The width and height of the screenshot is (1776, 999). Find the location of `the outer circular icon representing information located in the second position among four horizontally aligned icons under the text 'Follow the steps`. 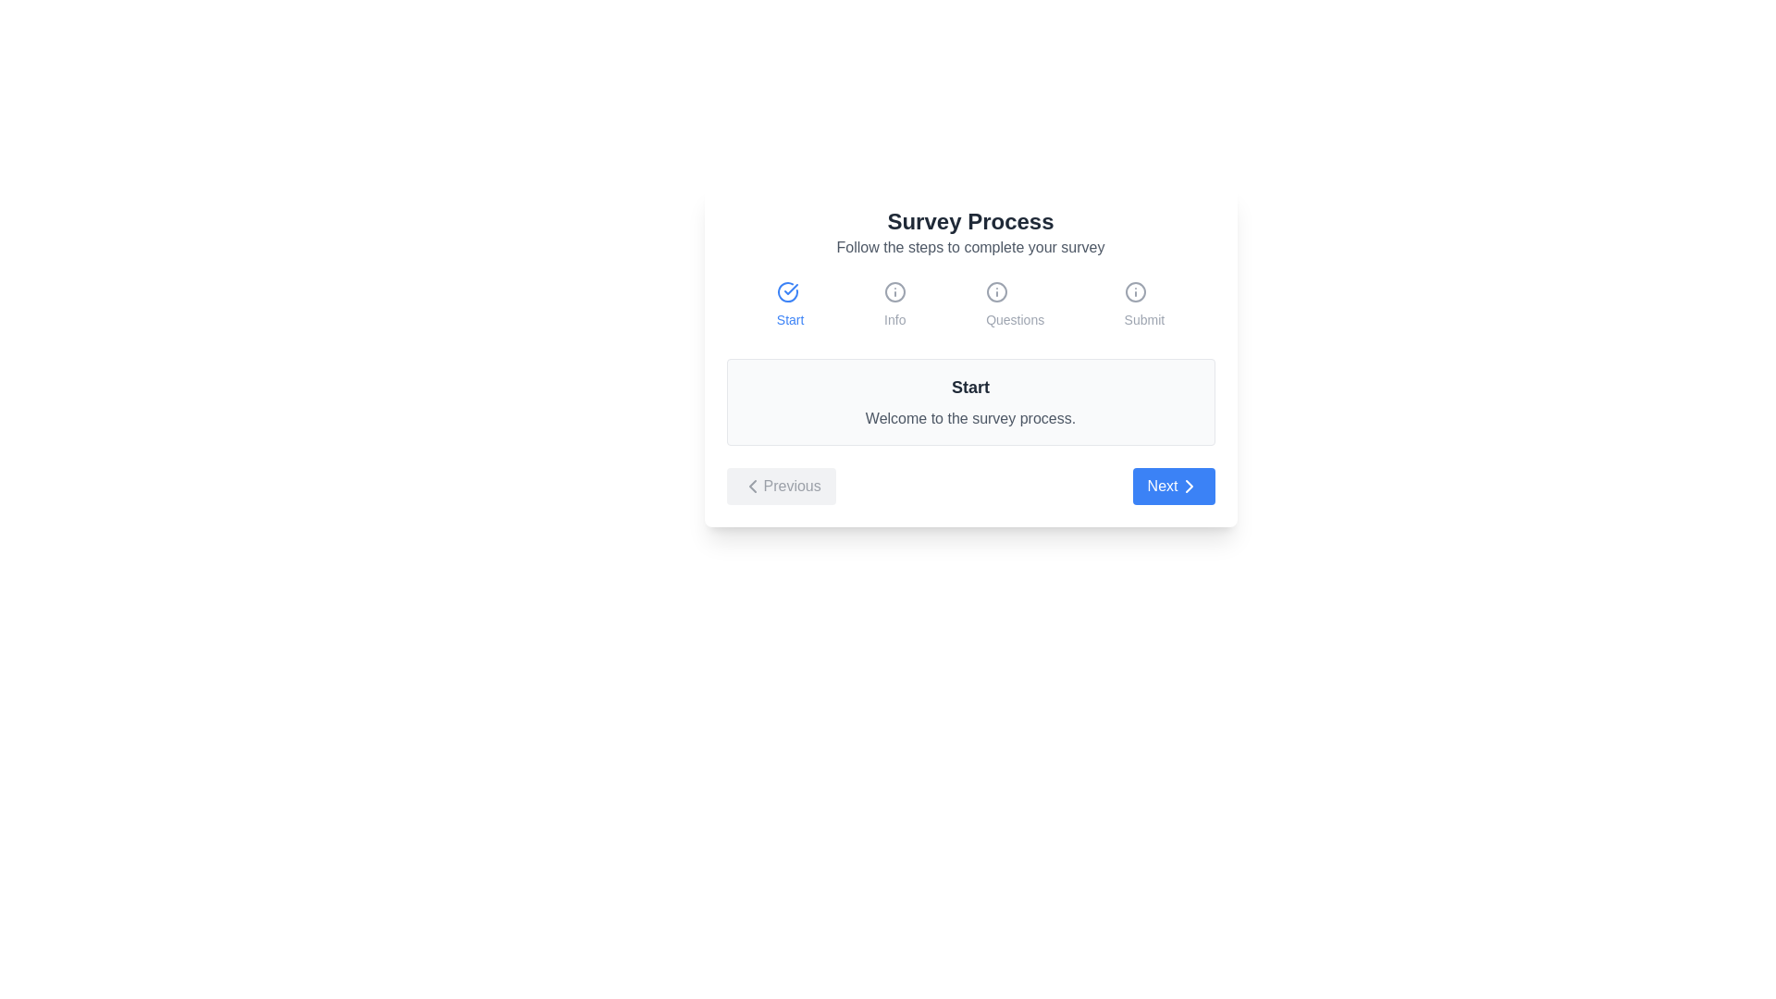

the outer circular icon representing information located in the second position among four horizontally aligned icons under the text 'Follow the steps is located at coordinates (894, 291).